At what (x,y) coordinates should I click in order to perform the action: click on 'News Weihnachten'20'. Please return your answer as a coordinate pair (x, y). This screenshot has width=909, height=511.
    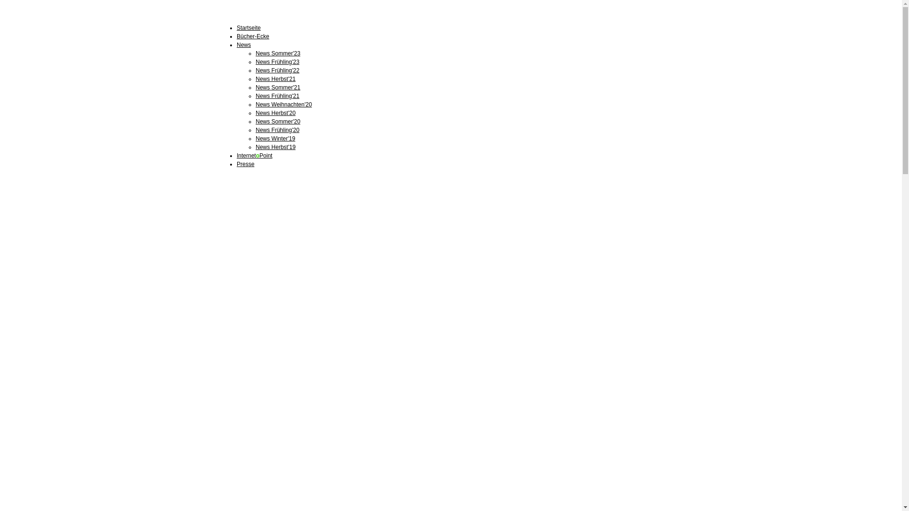
    Looking at the image, I should click on (255, 104).